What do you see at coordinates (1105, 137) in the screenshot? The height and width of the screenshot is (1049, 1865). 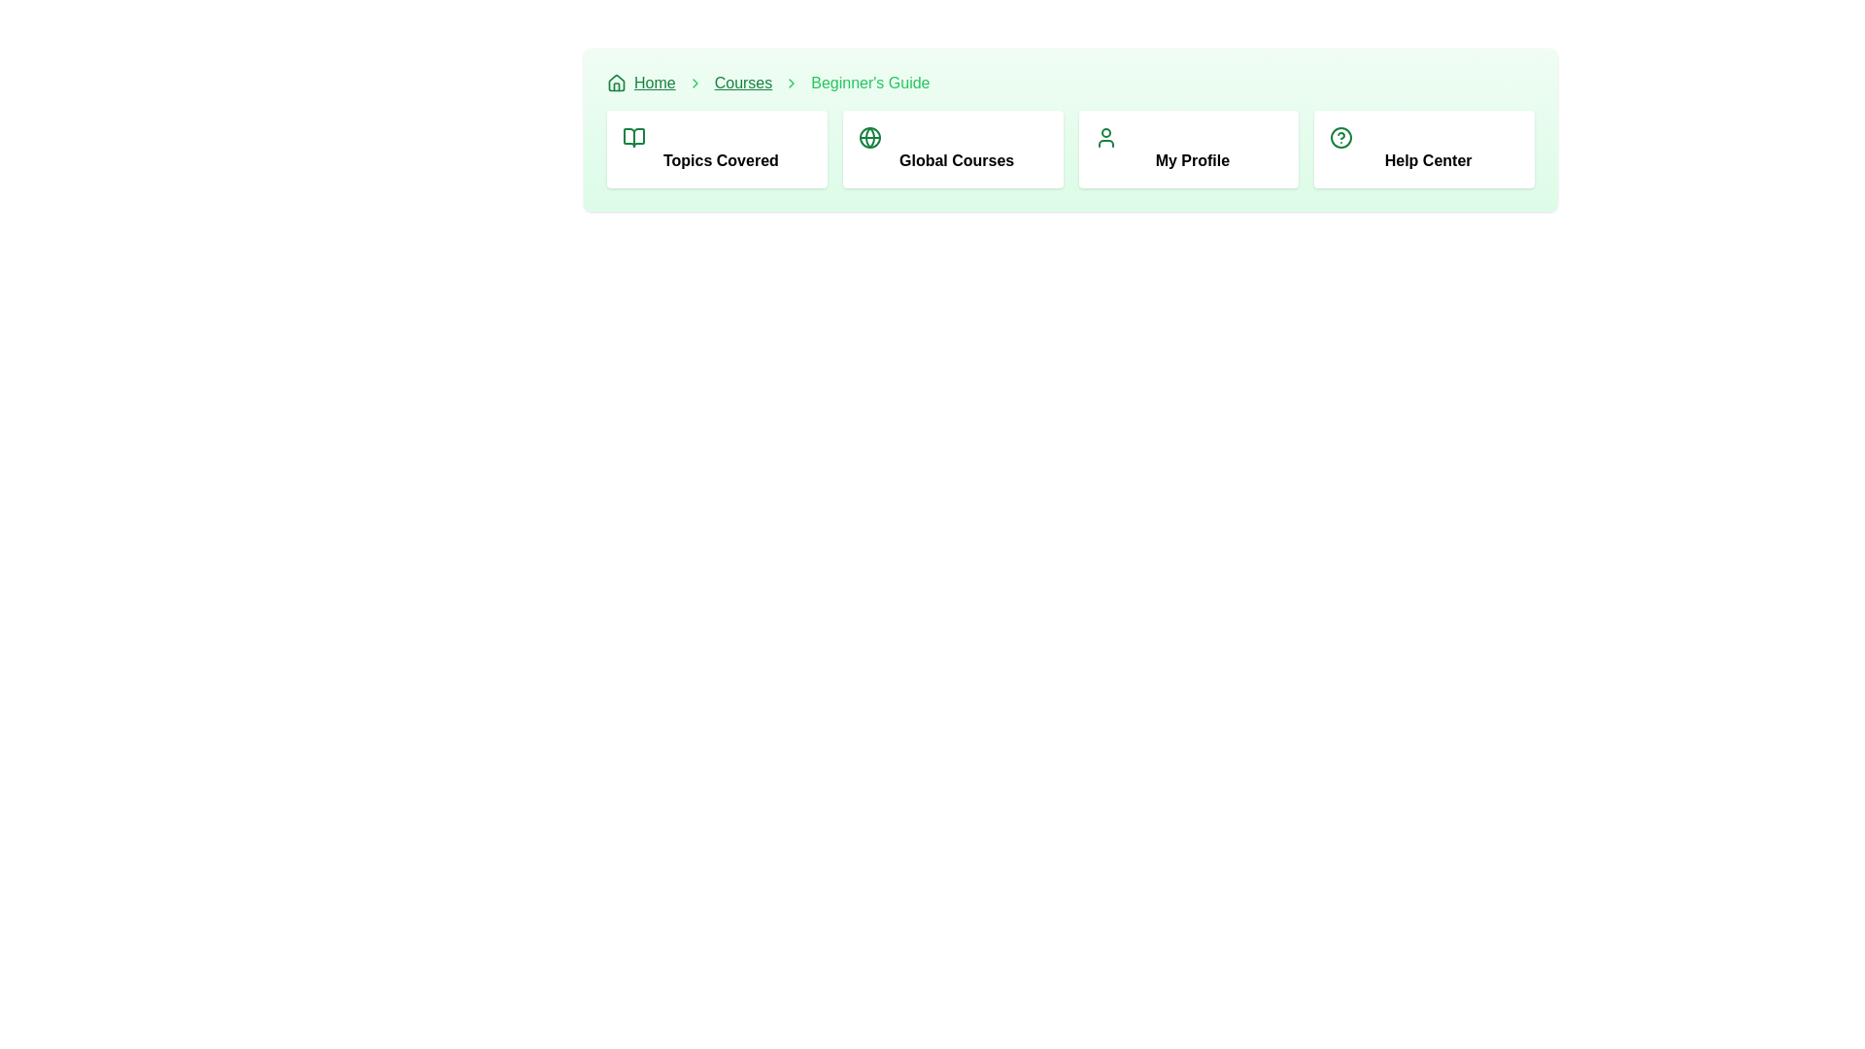 I see `the user profile icon located in the 'My Profile' section of the navigation card area, between 'Global Courses' and 'Help Center'` at bounding box center [1105, 137].